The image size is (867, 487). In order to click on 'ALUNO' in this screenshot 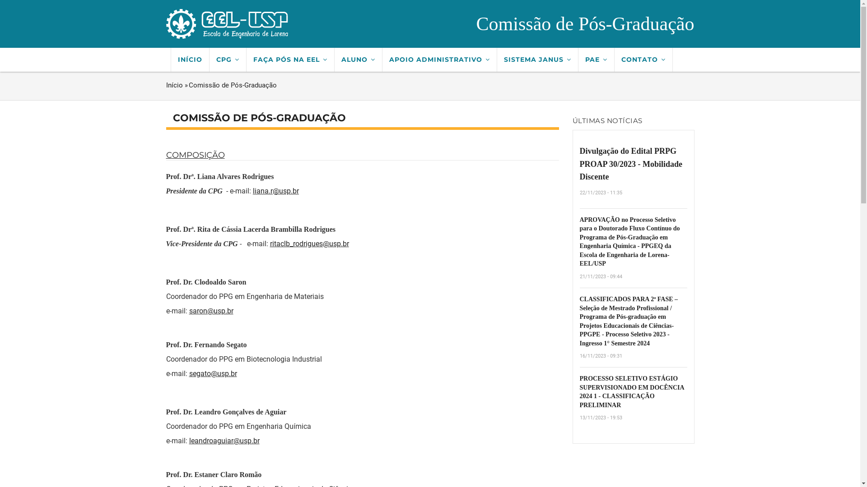, I will do `click(357, 60)`.